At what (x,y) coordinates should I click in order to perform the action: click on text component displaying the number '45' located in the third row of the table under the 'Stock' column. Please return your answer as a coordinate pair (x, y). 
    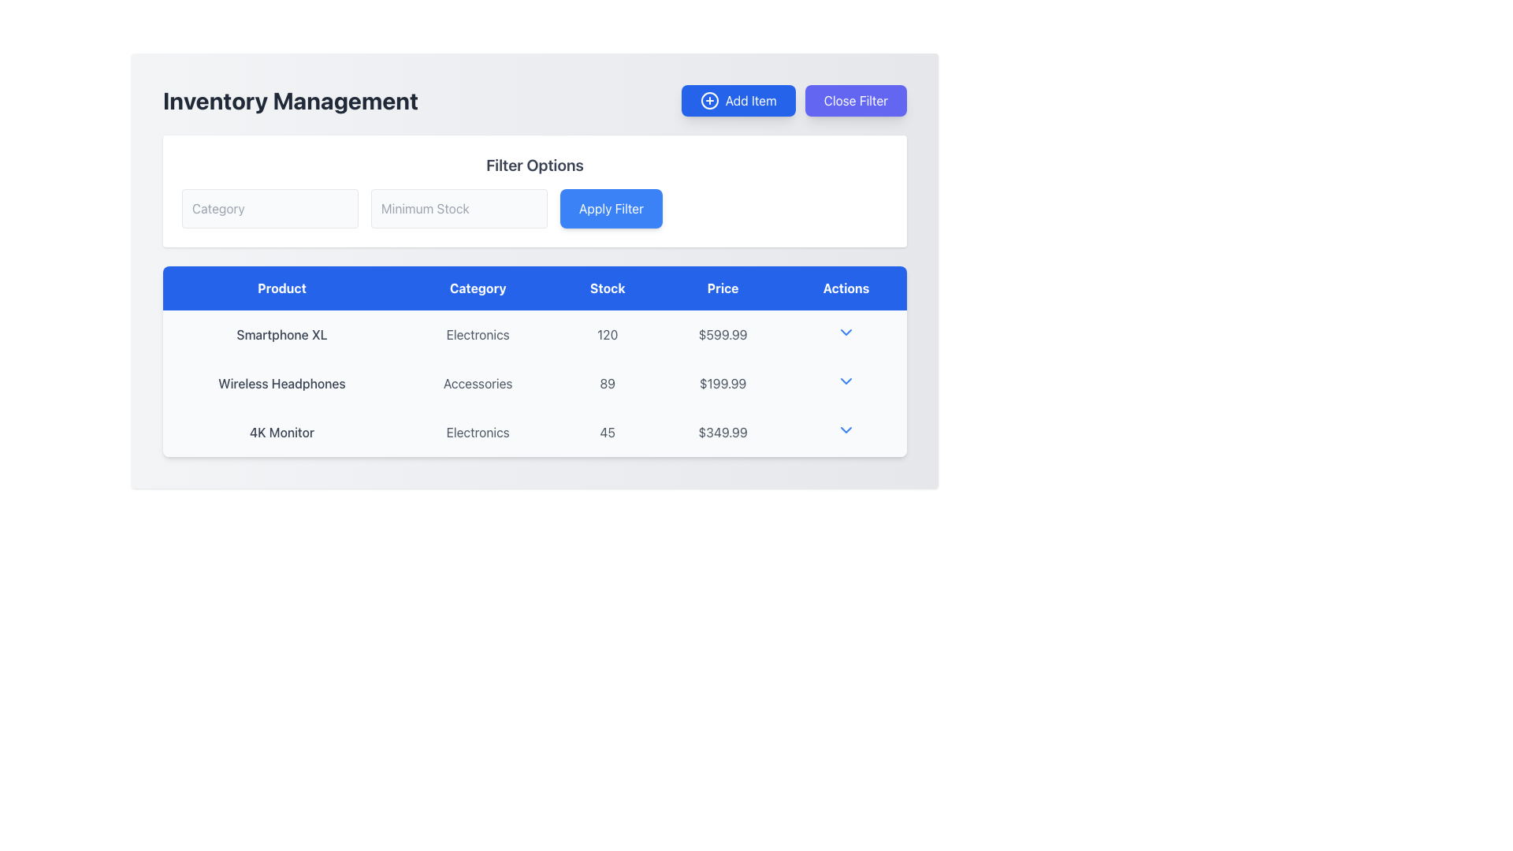
    Looking at the image, I should click on (607, 432).